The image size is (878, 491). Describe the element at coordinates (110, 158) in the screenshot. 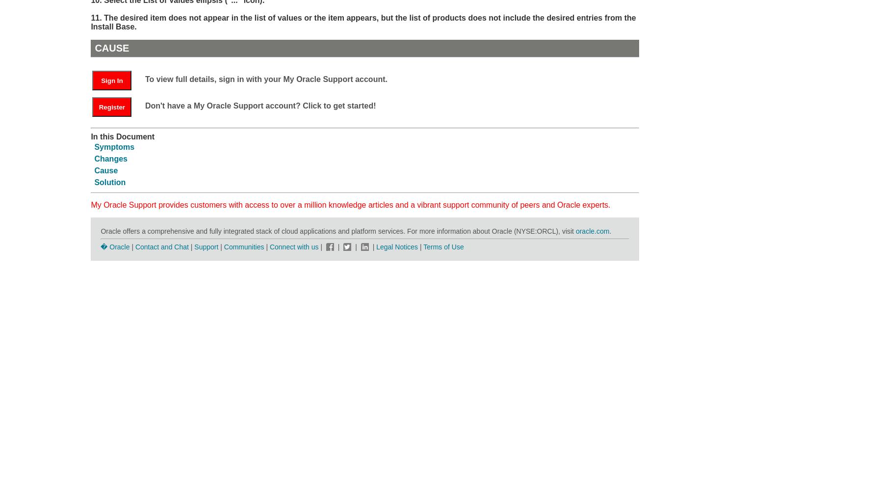

I see `'Changes'` at that location.